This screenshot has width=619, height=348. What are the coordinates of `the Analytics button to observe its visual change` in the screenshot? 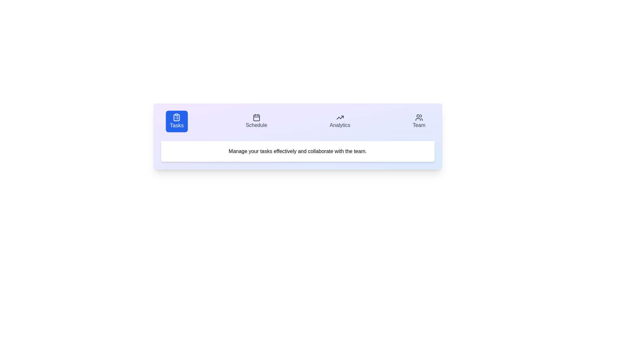 It's located at (339, 121).